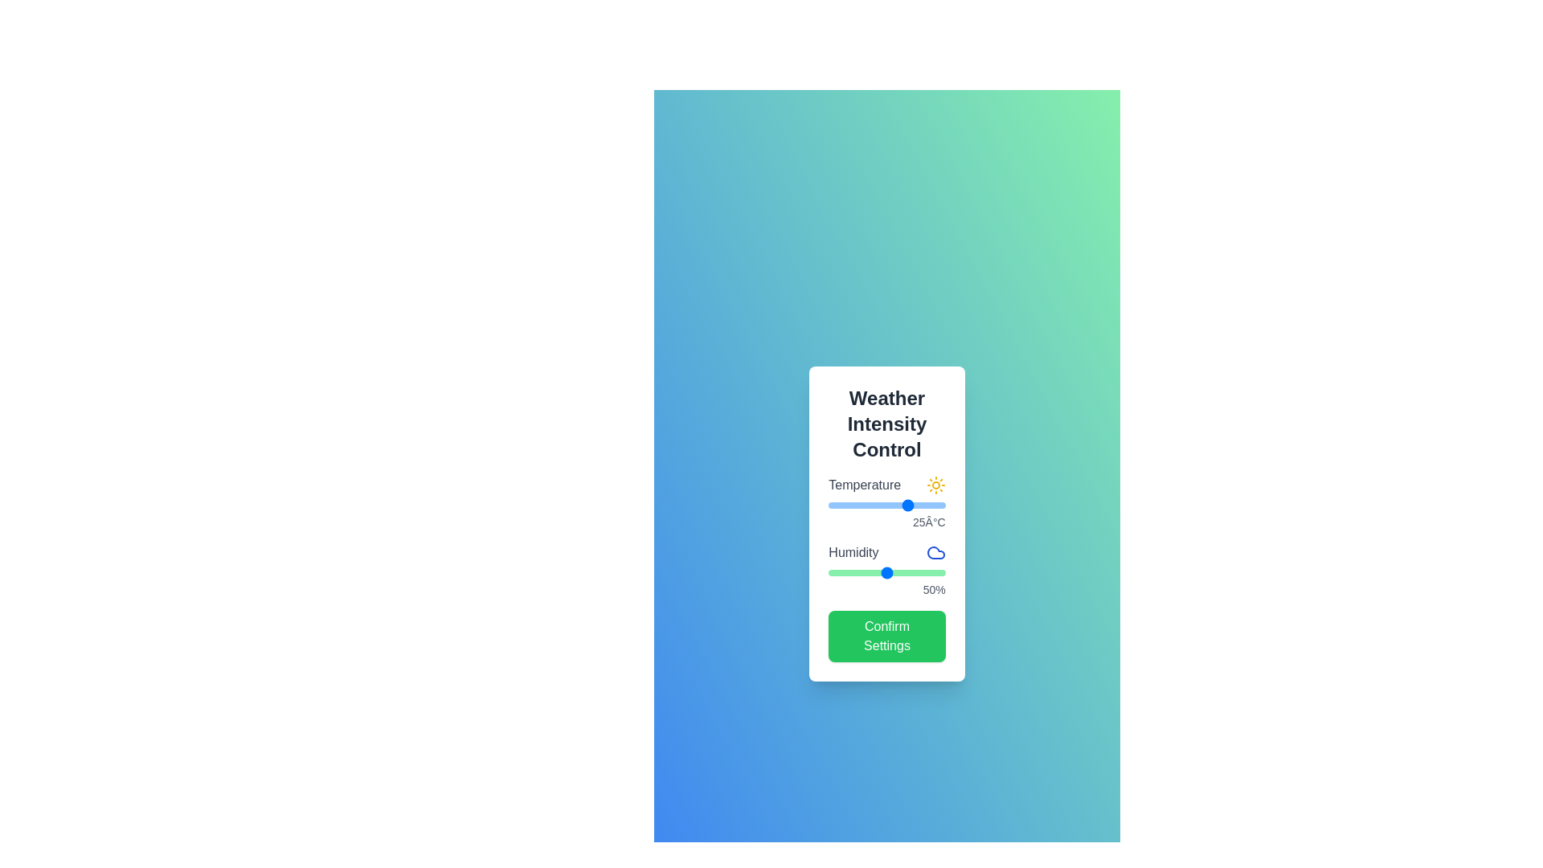  I want to click on the humidity slider to 1%, so click(829, 572).